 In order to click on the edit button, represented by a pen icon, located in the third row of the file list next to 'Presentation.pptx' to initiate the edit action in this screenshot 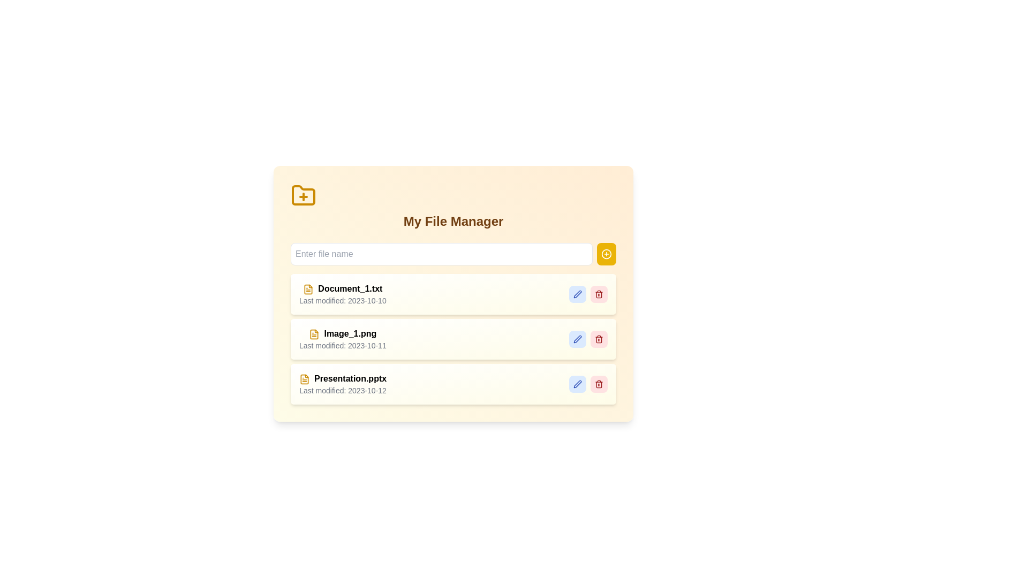, I will do `click(577, 383)`.